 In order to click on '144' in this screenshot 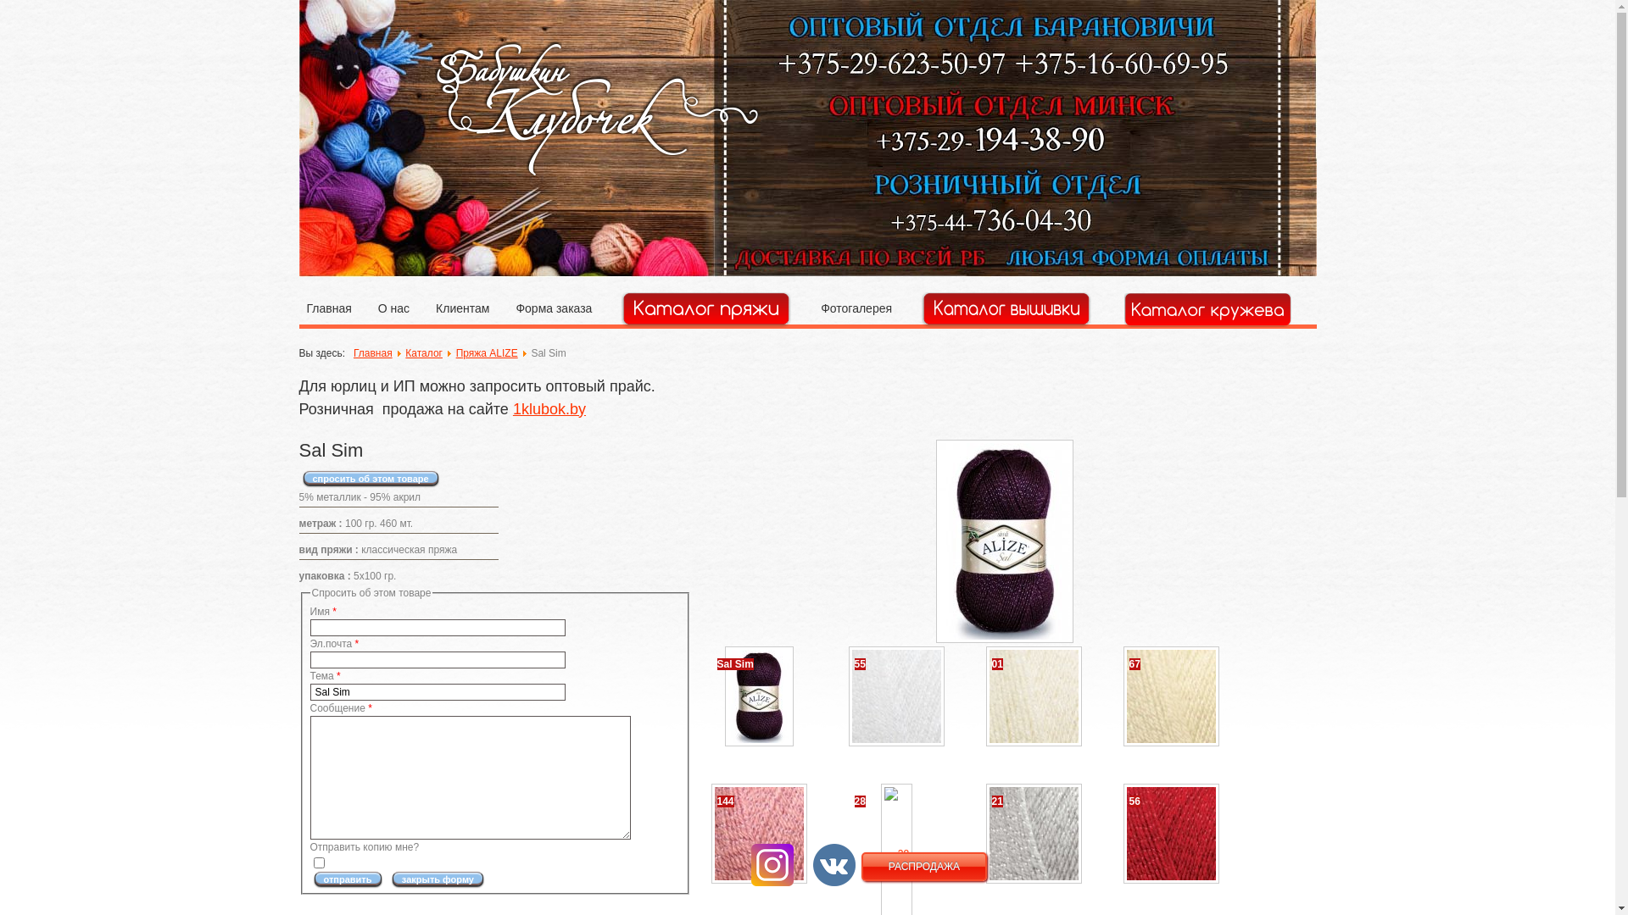, I will do `click(758, 832)`.